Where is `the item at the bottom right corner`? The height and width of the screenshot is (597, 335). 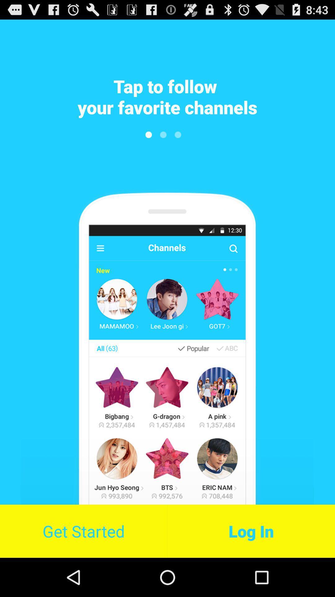
the item at the bottom right corner is located at coordinates (251, 531).